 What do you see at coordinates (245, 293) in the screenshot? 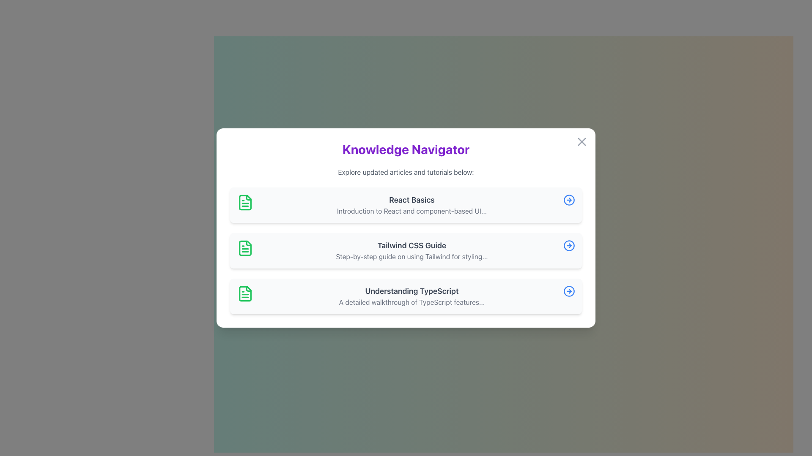
I see `the graphical icon representing the 'Understanding TypeScript' document located in the third row of the list interface` at bounding box center [245, 293].